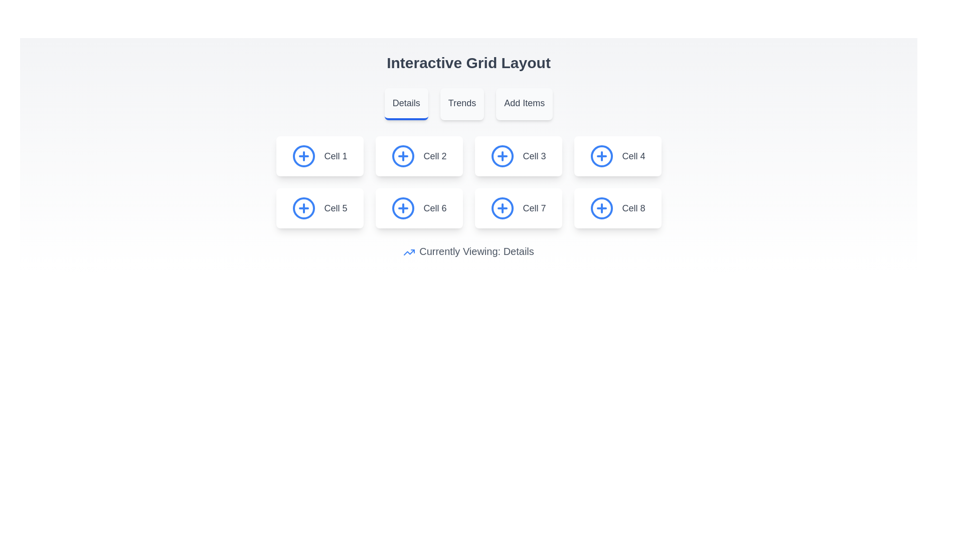 Image resolution: width=963 pixels, height=541 pixels. Describe the element at coordinates (602, 208) in the screenshot. I see `the blue circular outline with a white background and a blue plus symbol located in 'Cell 8'` at that location.